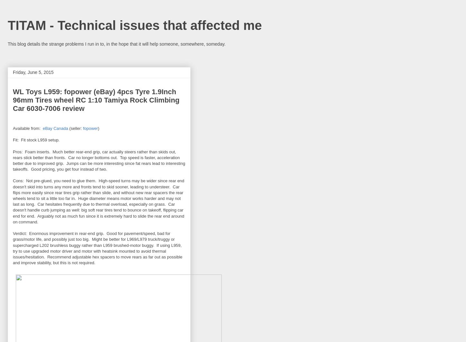 The height and width of the screenshot is (342, 466). I want to click on '(seller:', so click(75, 128).